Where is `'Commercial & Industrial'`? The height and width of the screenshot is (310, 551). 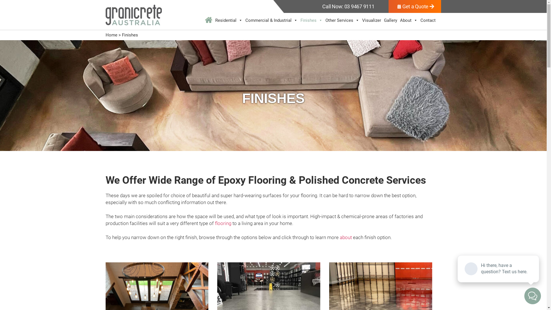 'Commercial & Industrial' is located at coordinates (271, 20).